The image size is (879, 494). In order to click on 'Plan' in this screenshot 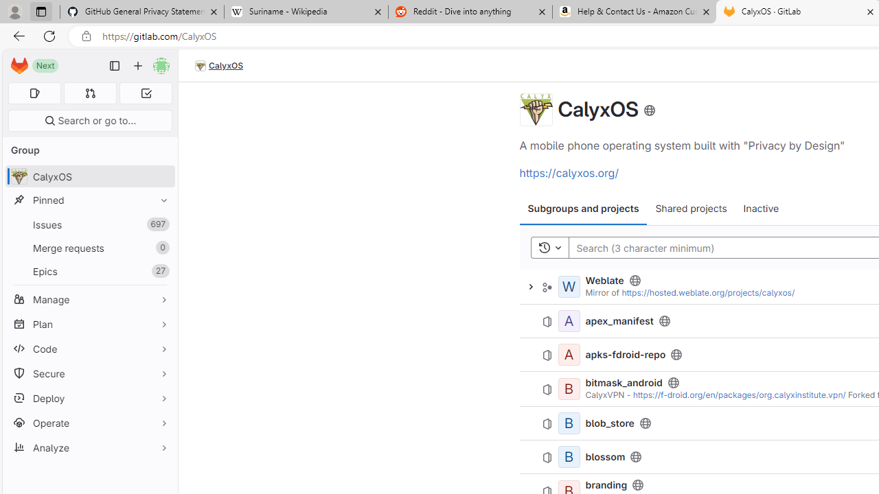, I will do `click(89, 324)`.